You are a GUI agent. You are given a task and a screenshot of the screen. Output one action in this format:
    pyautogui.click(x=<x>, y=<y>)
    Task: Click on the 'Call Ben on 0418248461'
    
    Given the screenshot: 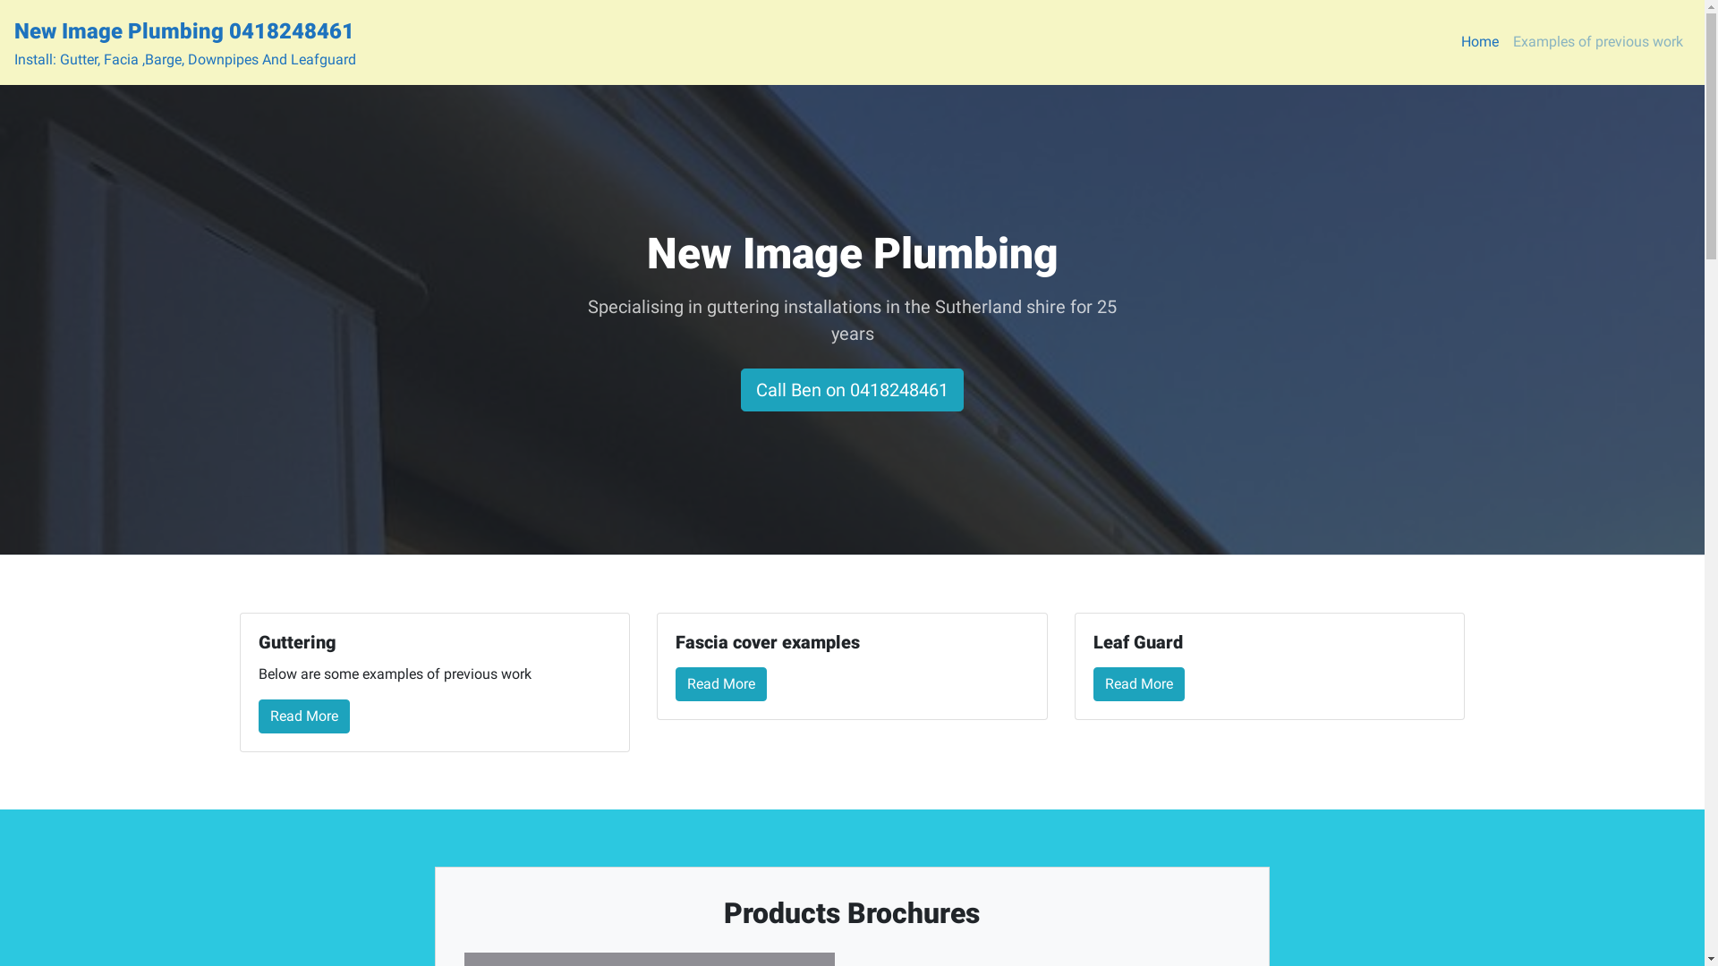 What is the action you would take?
    pyautogui.click(x=741, y=388)
    